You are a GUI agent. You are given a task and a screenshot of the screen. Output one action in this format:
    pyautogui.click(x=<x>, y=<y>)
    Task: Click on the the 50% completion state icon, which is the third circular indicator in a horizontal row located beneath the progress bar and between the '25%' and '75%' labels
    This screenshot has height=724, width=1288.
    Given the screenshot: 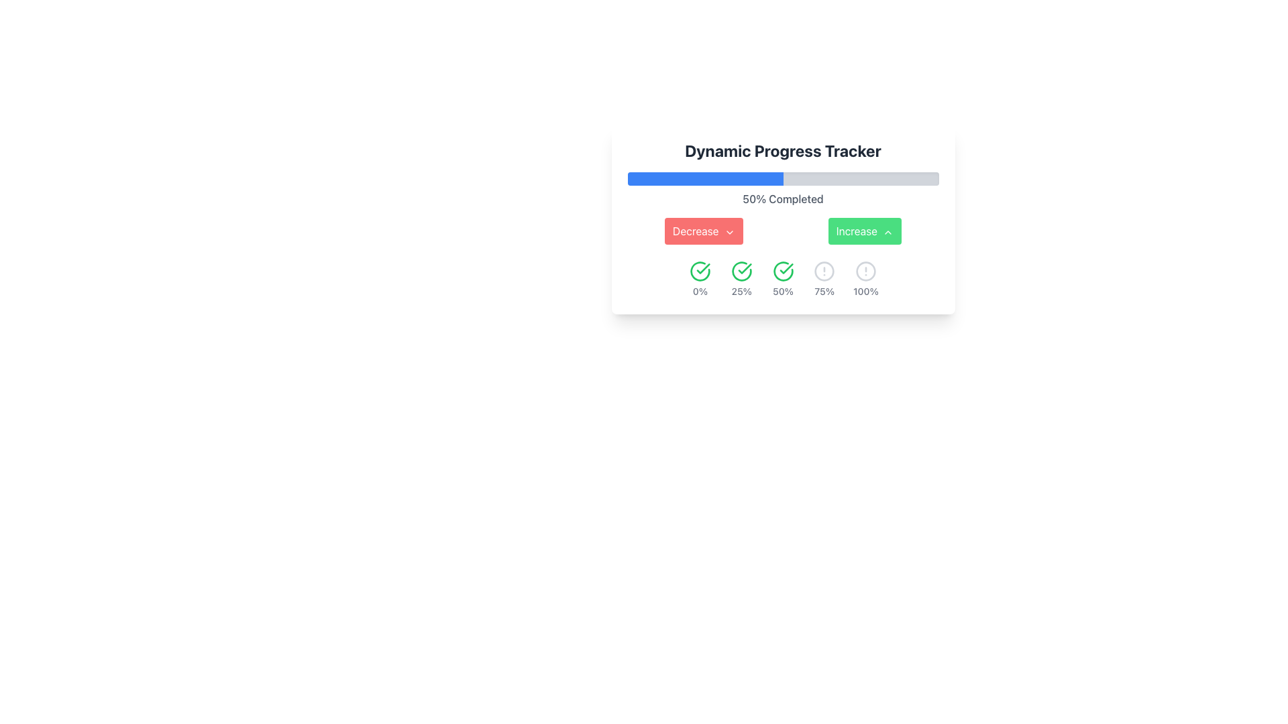 What is the action you would take?
    pyautogui.click(x=783, y=271)
    